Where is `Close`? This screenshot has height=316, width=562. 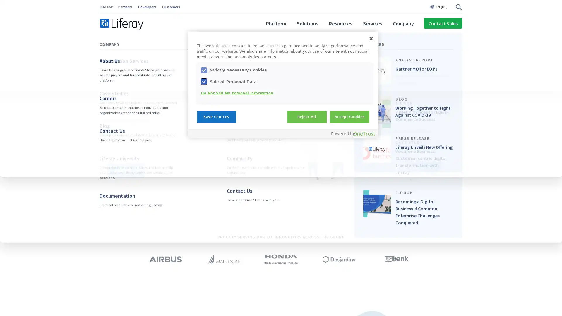 Close is located at coordinates (371, 38).